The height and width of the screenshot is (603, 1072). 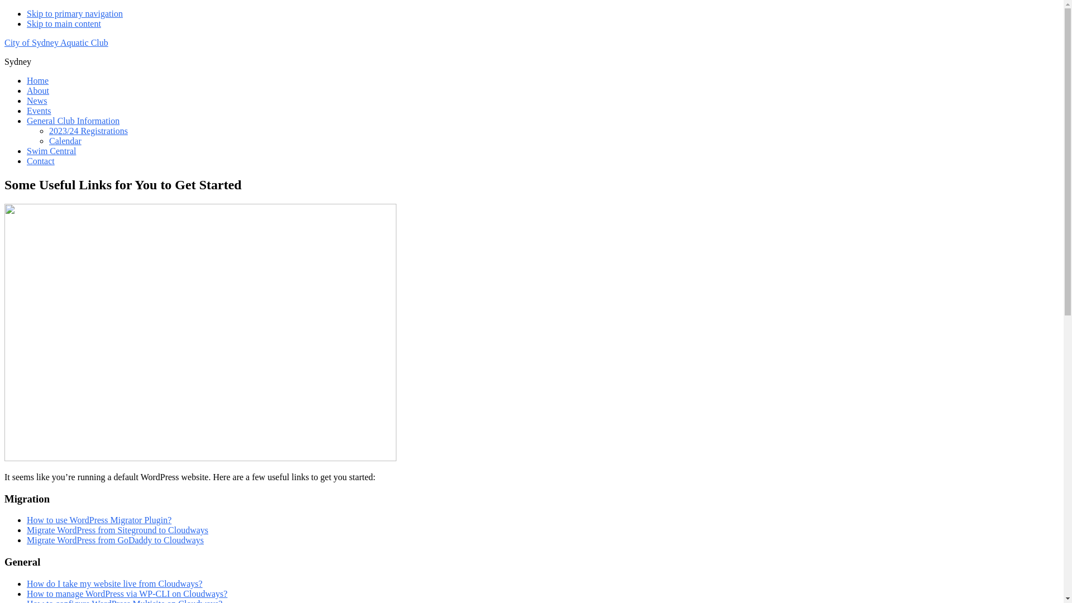 I want to click on 'Calendar', so click(x=64, y=140).